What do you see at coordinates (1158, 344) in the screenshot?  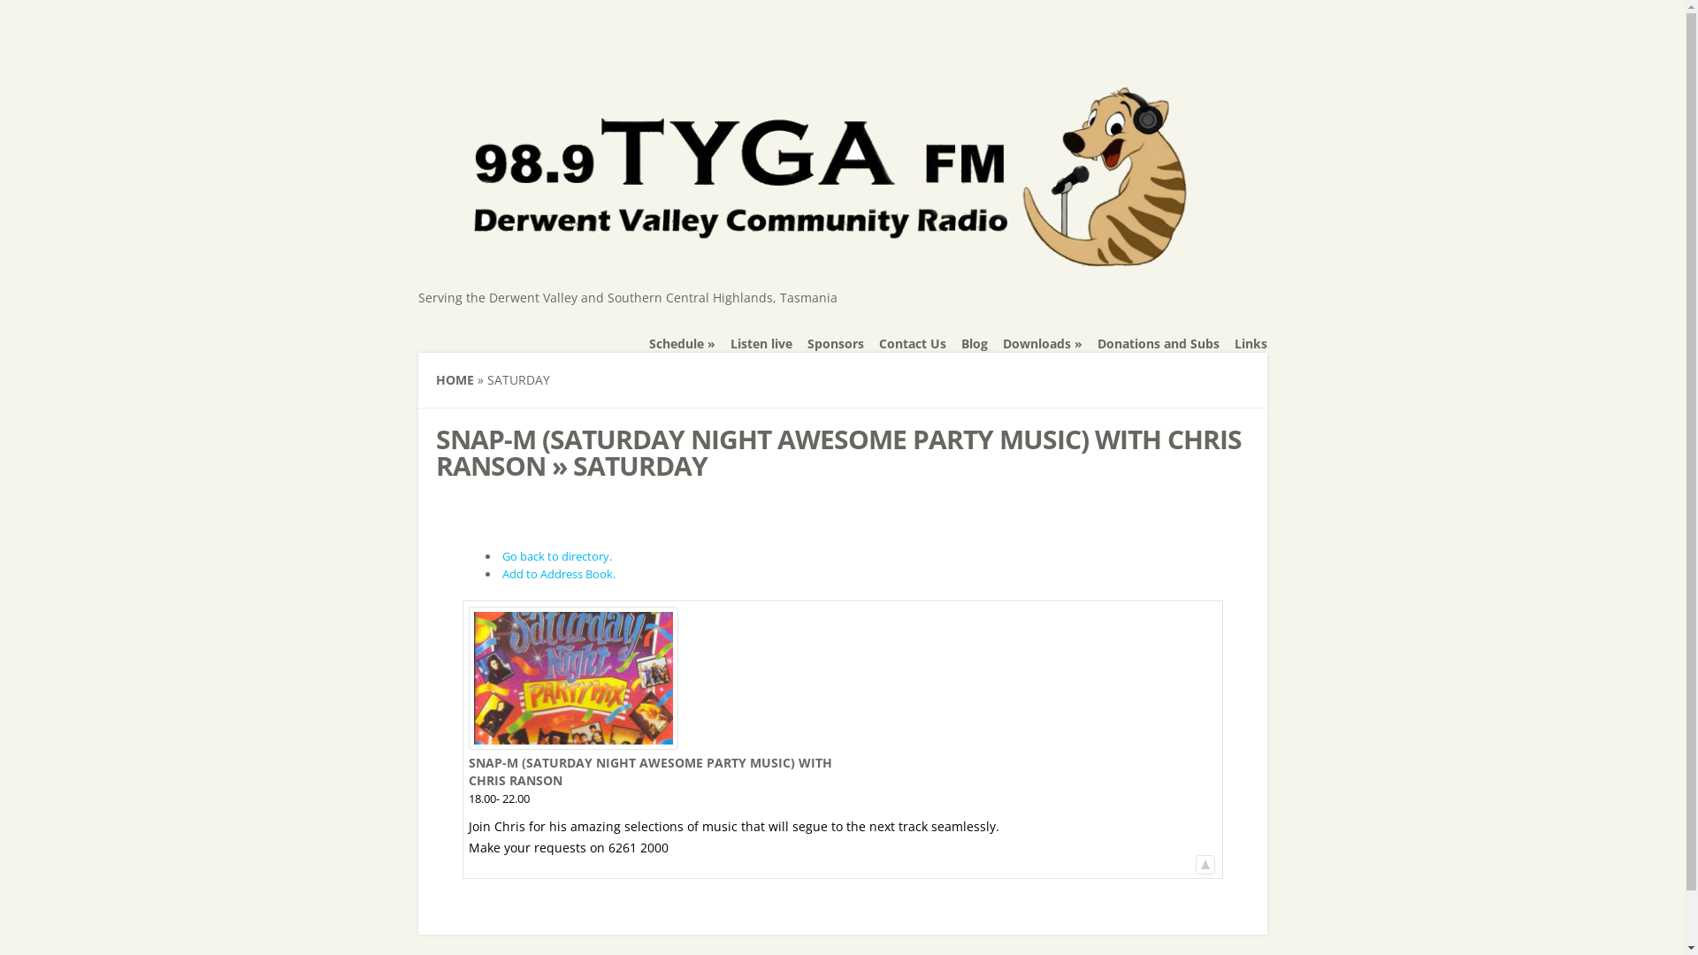 I see `'Donations and Subs'` at bounding box center [1158, 344].